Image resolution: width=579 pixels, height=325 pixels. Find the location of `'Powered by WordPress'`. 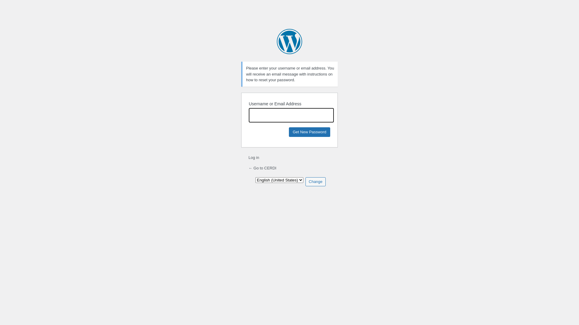

'Powered by WordPress' is located at coordinates (289, 41).